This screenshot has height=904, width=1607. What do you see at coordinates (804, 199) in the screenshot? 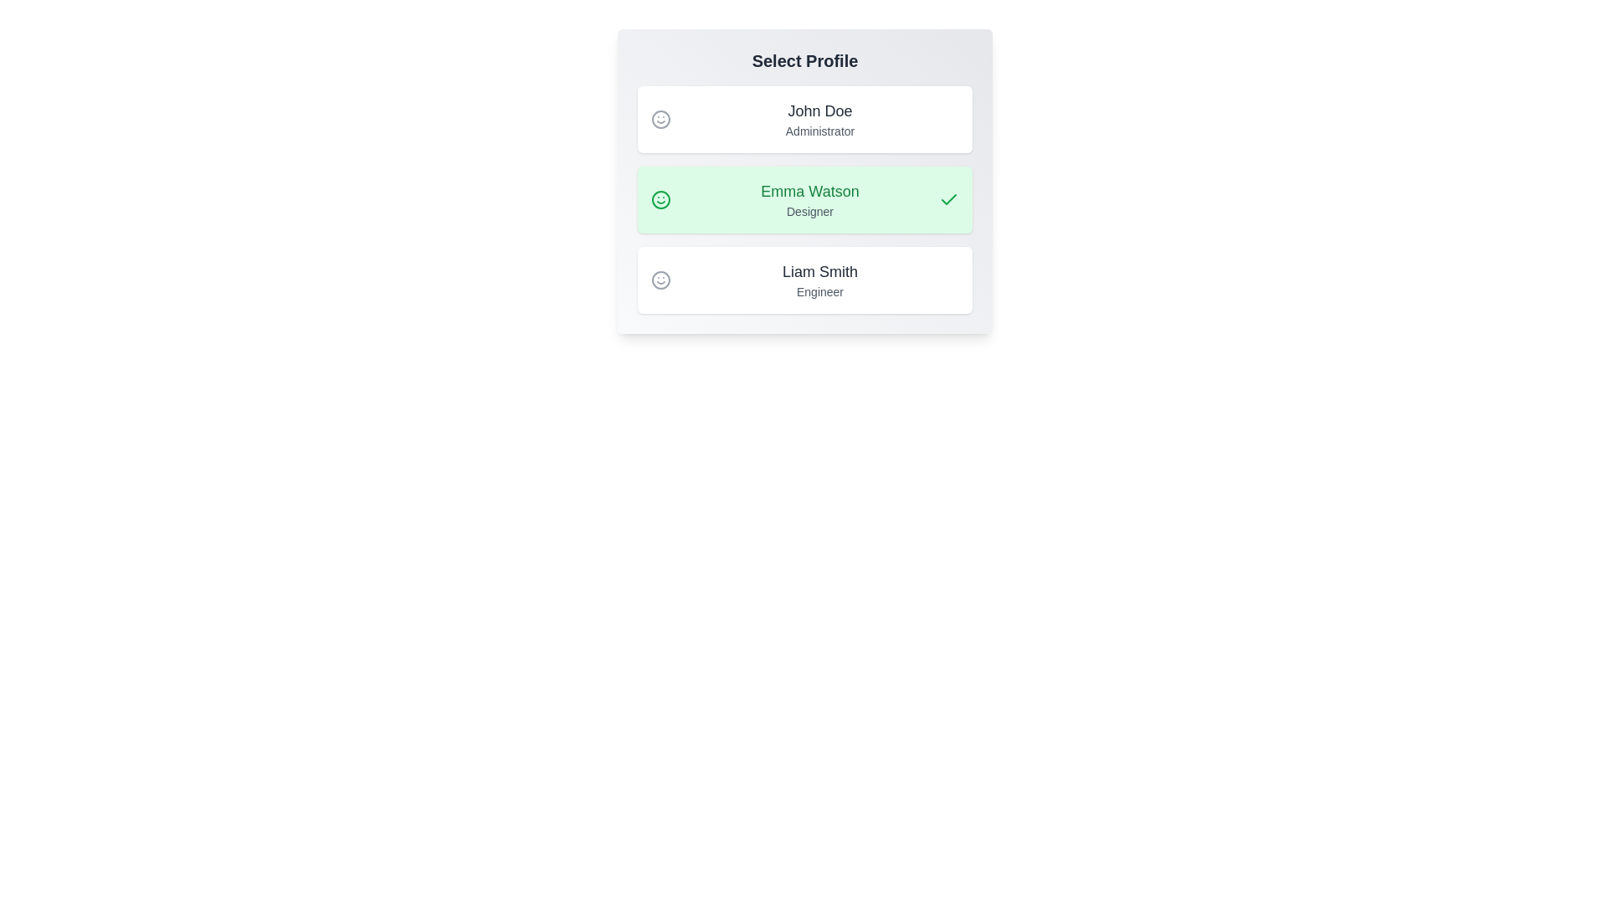
I see `the profile Emma Watson` at bounding box center [804, 199].